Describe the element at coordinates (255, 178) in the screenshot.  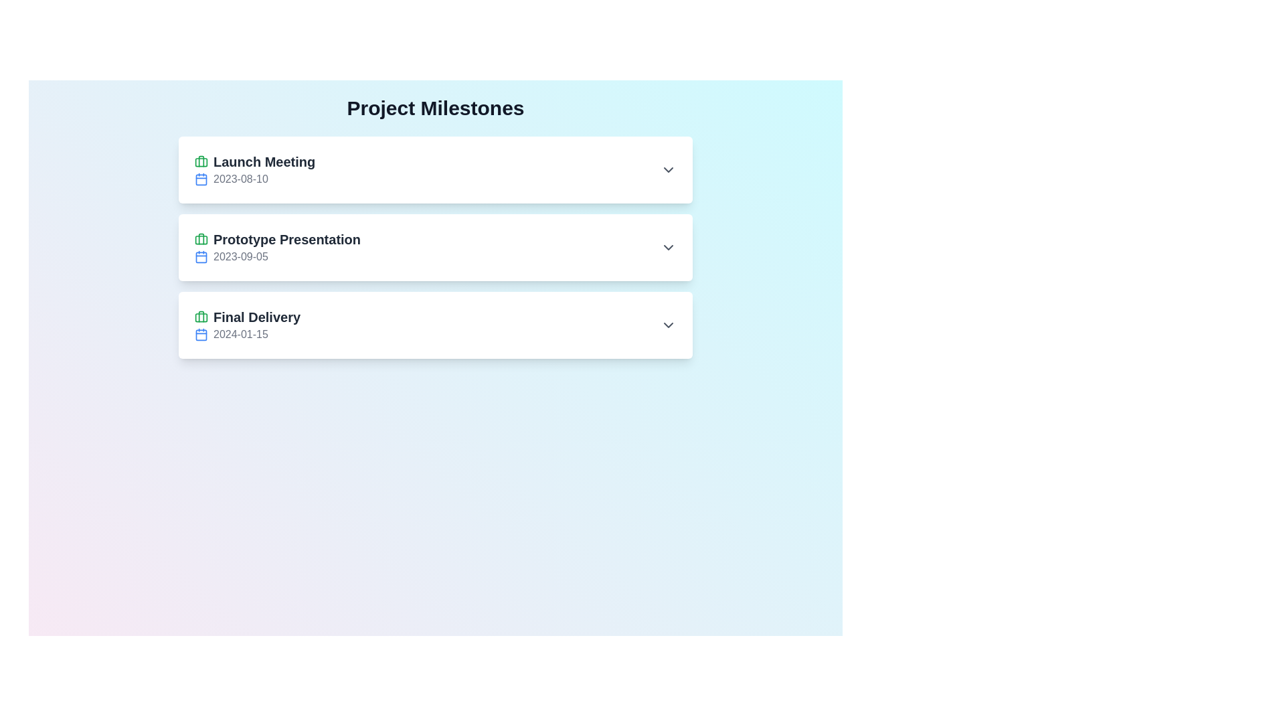
I see `the informational text label displaying the date related to the 'Launch Meeting' event, positioned under the 'Project Milestones' section` at that location.